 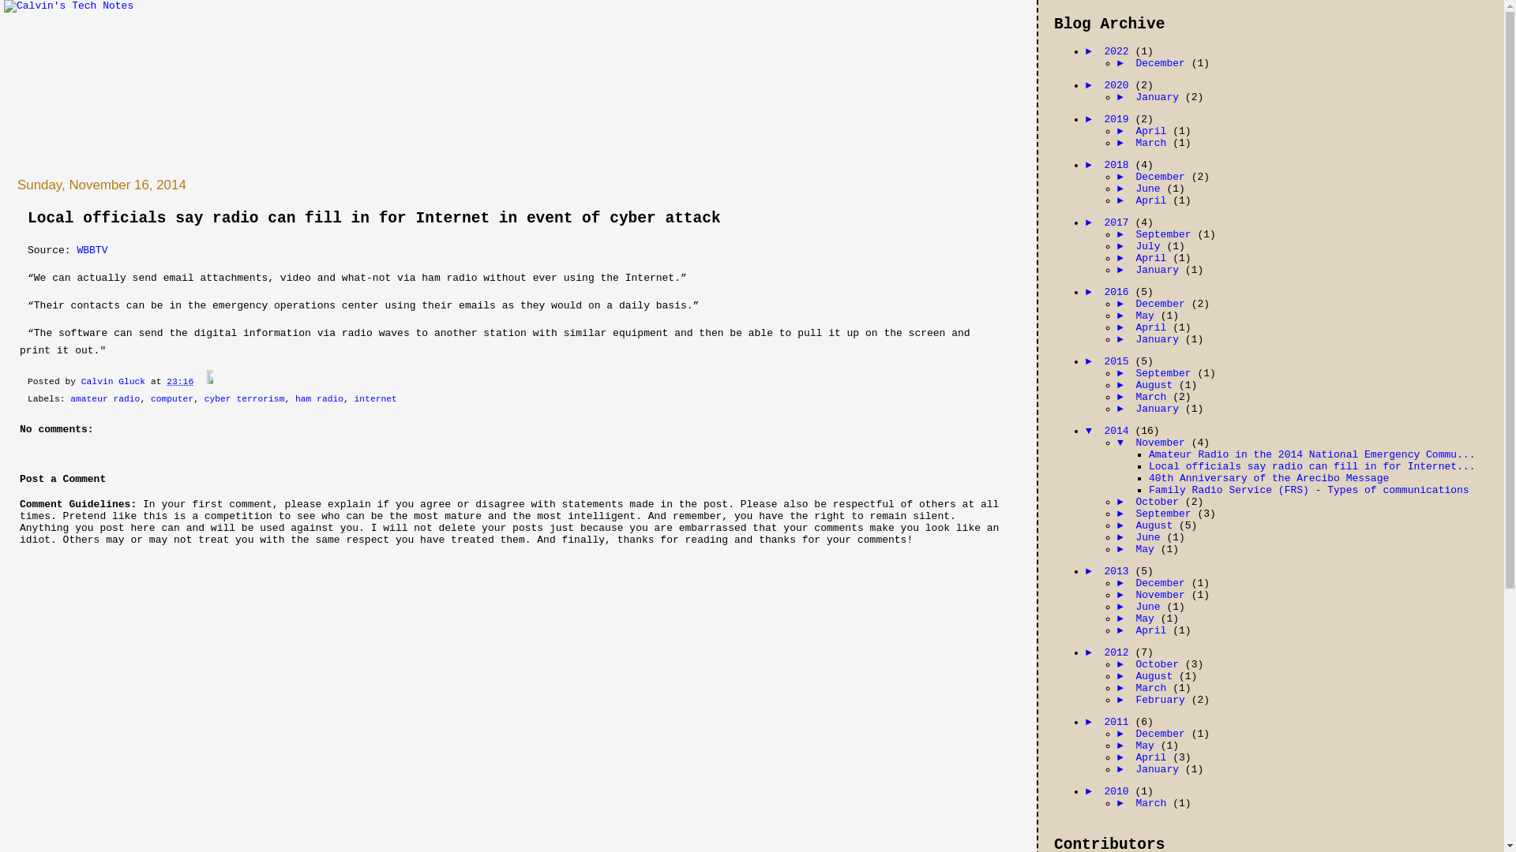 I want to click on 'October', so click(x=1159, y=502).